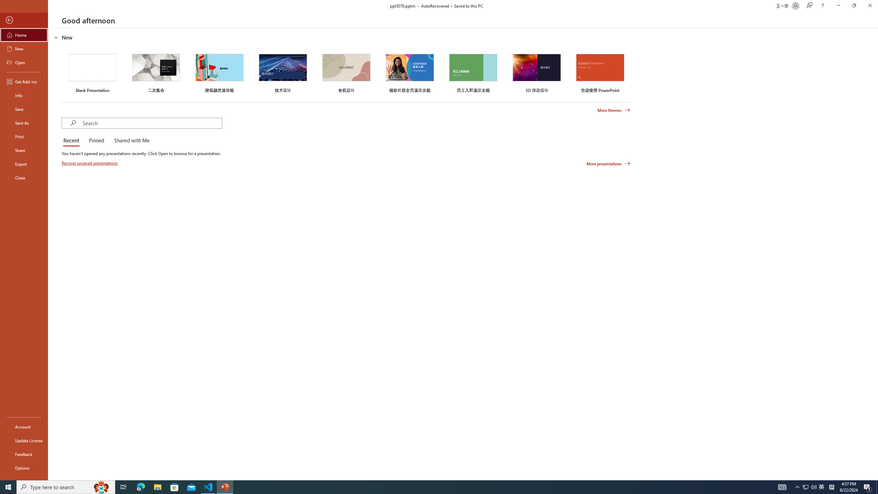 The image size is (878, 494). Describe the element at coordinates (24, 81) in the screenshot. I see `'Get Add-ins'` at that location.